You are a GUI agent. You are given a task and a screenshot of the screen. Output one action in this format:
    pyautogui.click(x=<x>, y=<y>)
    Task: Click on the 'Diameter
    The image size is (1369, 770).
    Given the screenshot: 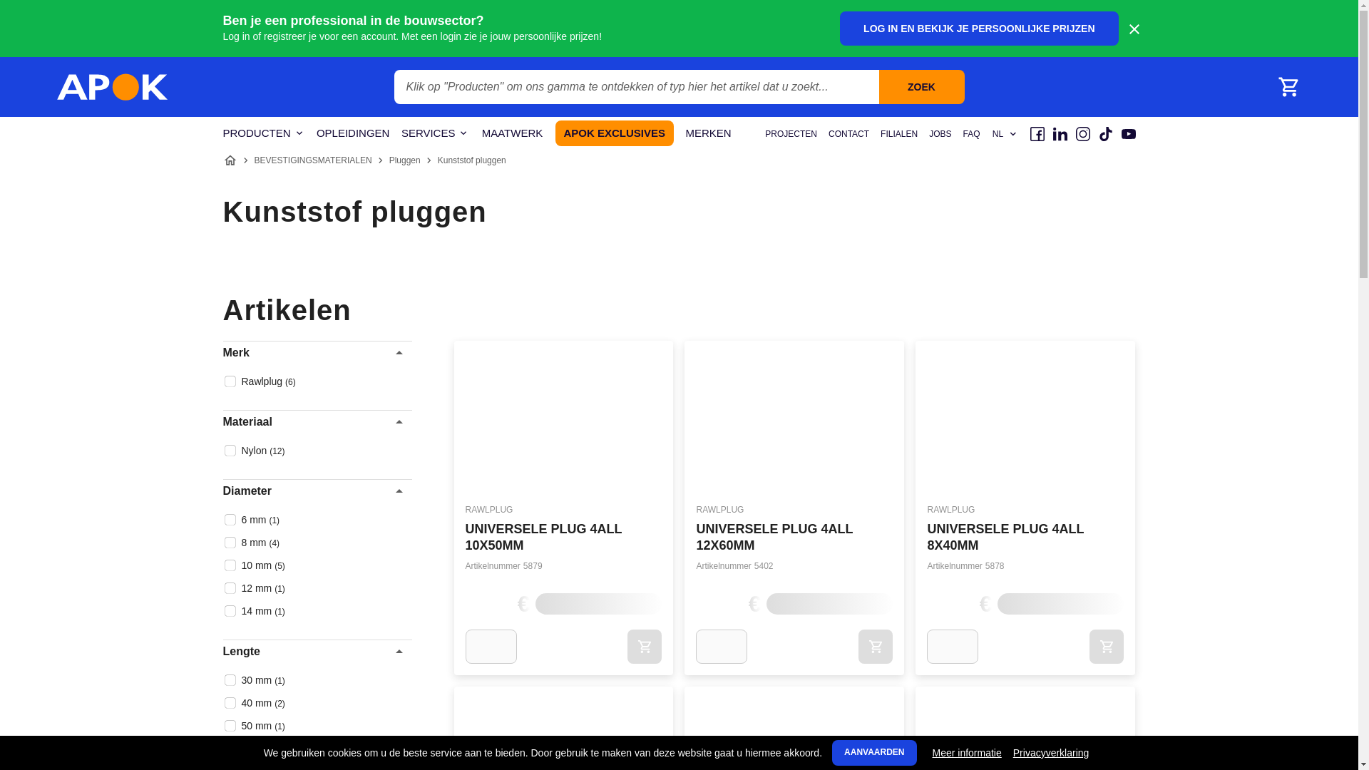 What is the action you would take?
    pyautogui.click(x=222, y=491)
    